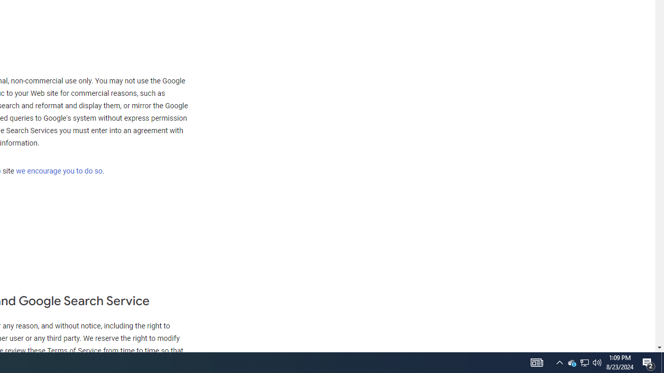  What do you see at coordinates (58, 170) in the screenshot?
I see `'we encourage you to do so'` at bounding box center [58, 170].